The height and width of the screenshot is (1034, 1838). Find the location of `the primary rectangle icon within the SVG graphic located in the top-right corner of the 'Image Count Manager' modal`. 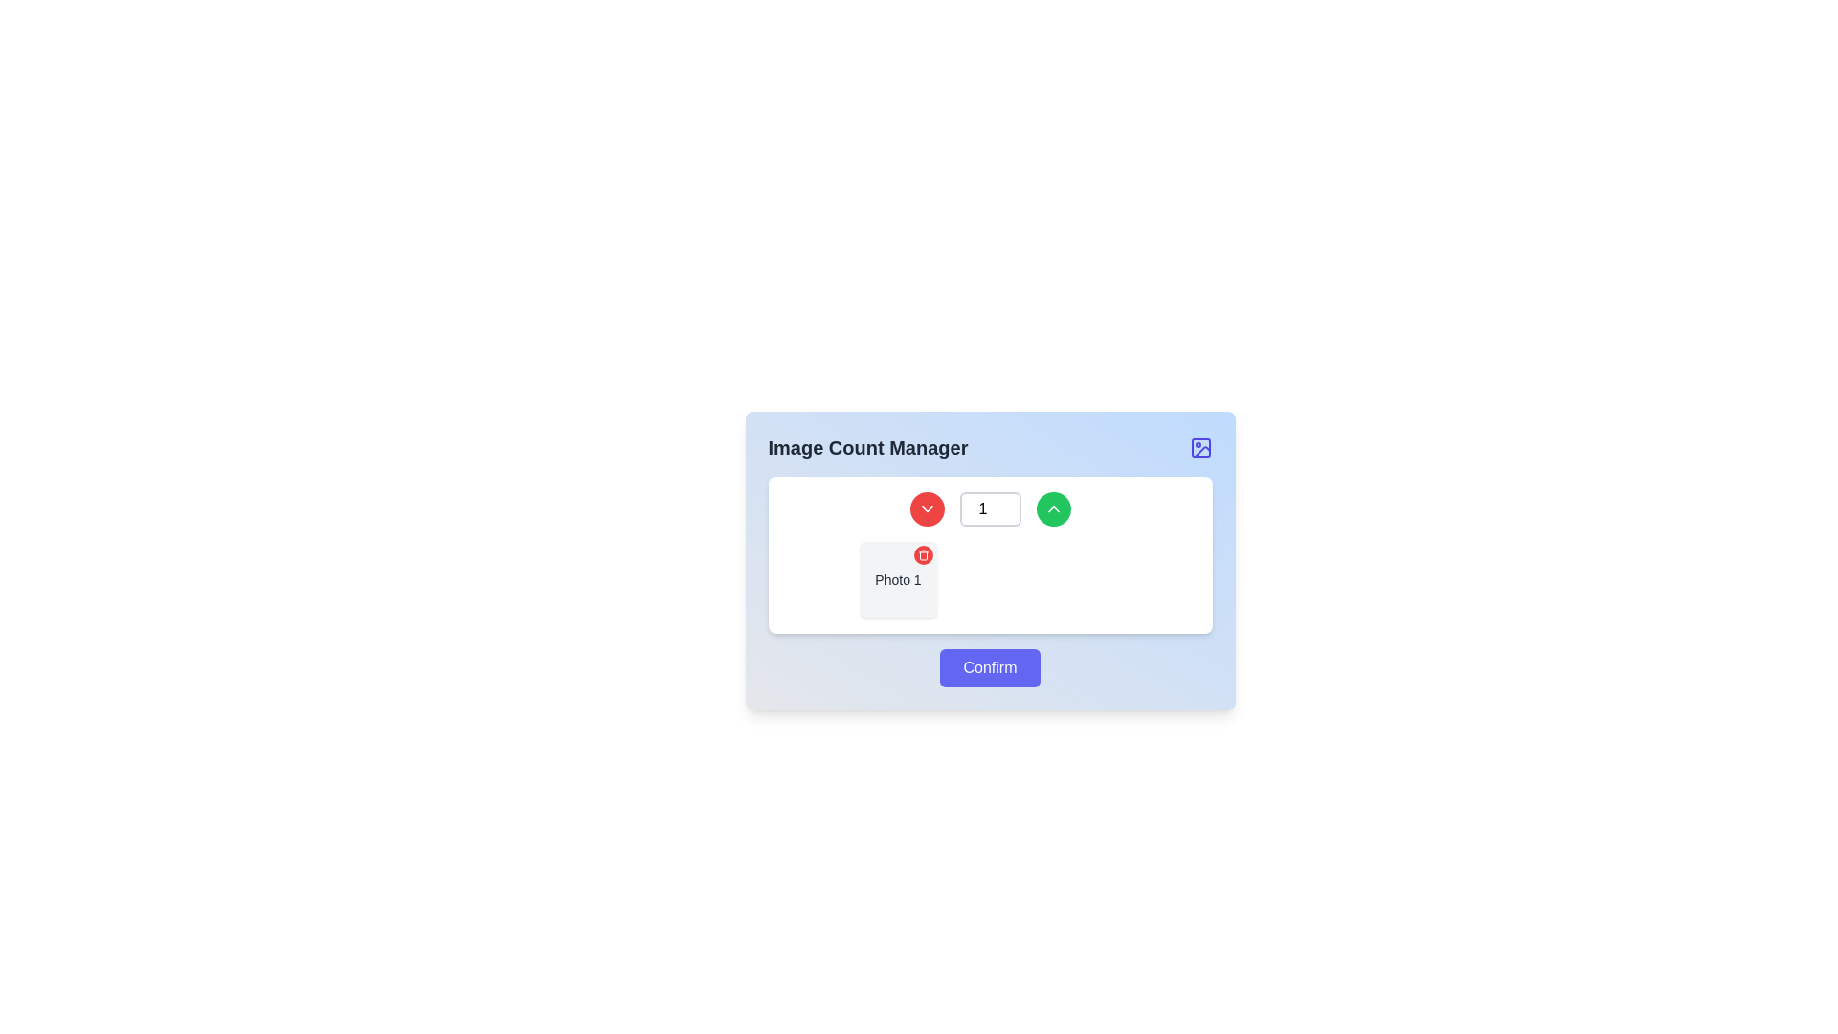

the primary rectangle icon within the SVG graphic located in the top-right corner of the 'Image Count Manager' modal is located at coordinates (1199, 447).